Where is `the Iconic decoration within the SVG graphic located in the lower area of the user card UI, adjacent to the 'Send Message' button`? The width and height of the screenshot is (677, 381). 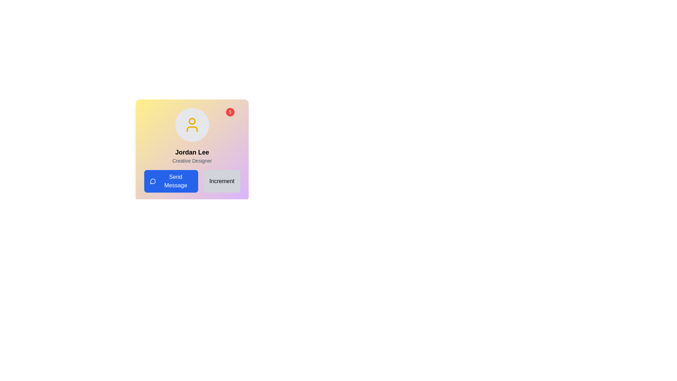
the Iconic decoration within the SVG graphic located in the lower area of the user card UI, adjacent to the 'Send Message' button is located at coordinates (152, 181).